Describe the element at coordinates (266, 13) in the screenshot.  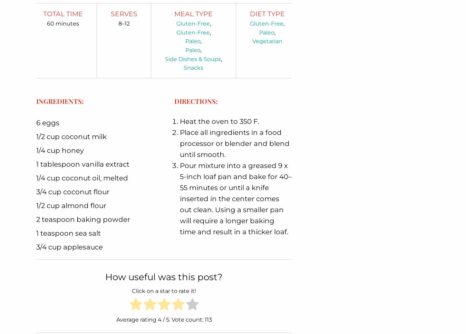
I see `'Diet Type'` at that location.